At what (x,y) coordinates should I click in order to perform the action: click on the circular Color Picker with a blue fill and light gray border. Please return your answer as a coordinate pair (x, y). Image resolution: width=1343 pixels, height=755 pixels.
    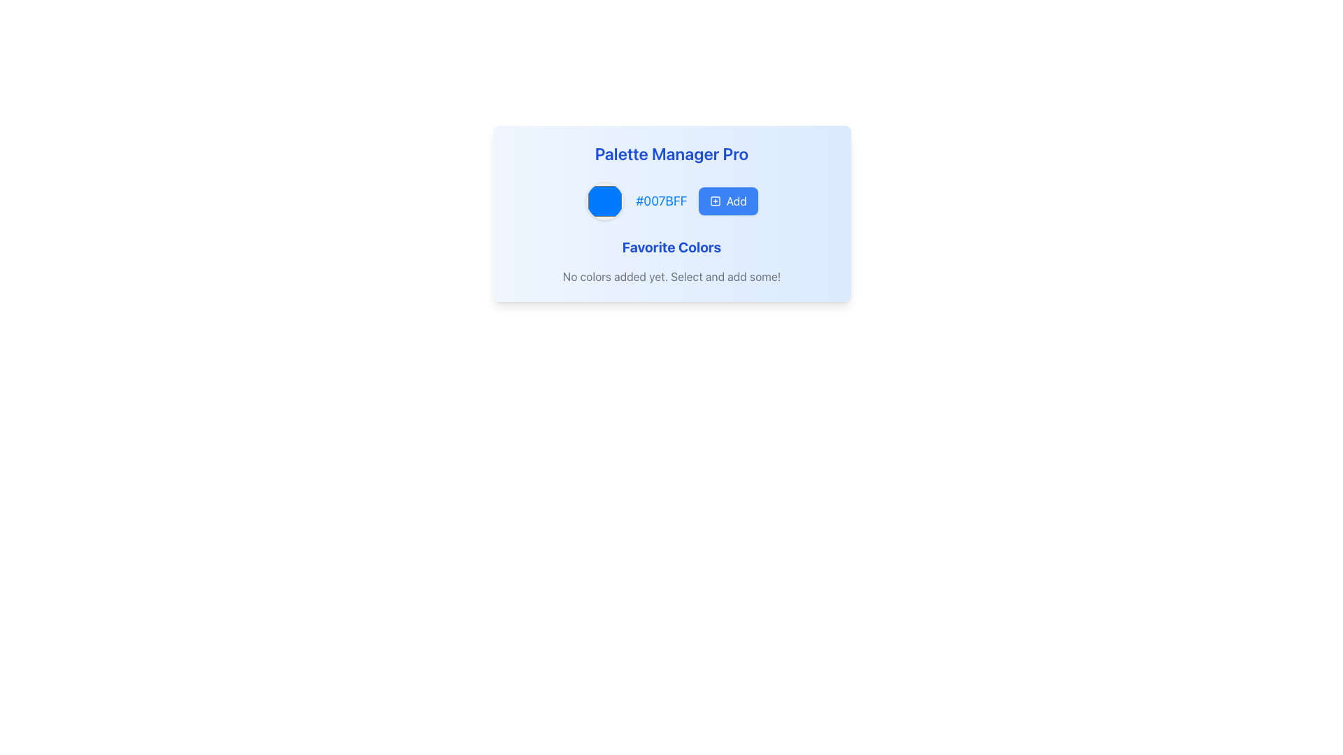
    Looking at the image, I should click on (605, 201).